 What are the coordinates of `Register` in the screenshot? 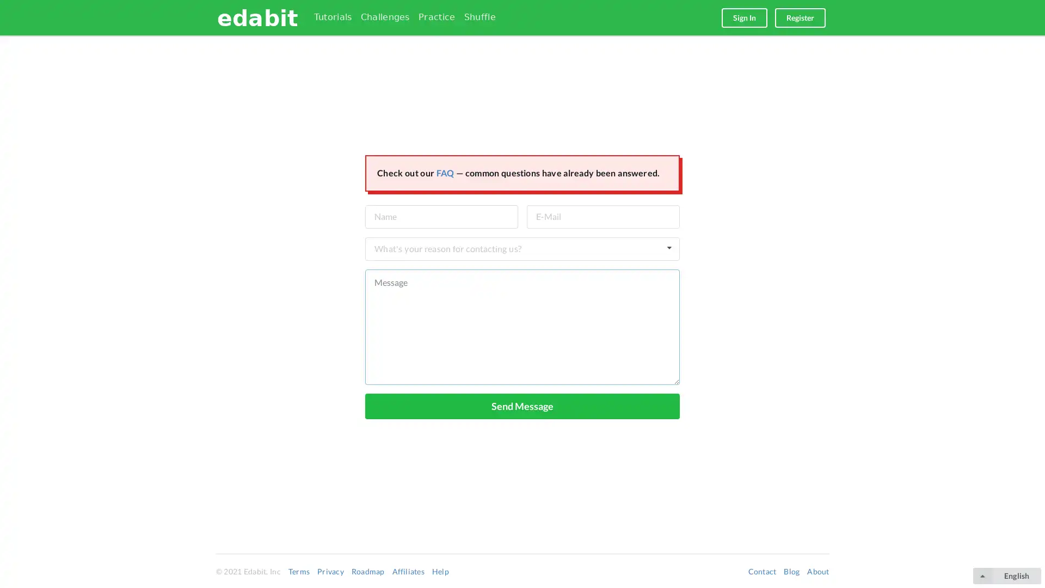 It's located at (800, 17).